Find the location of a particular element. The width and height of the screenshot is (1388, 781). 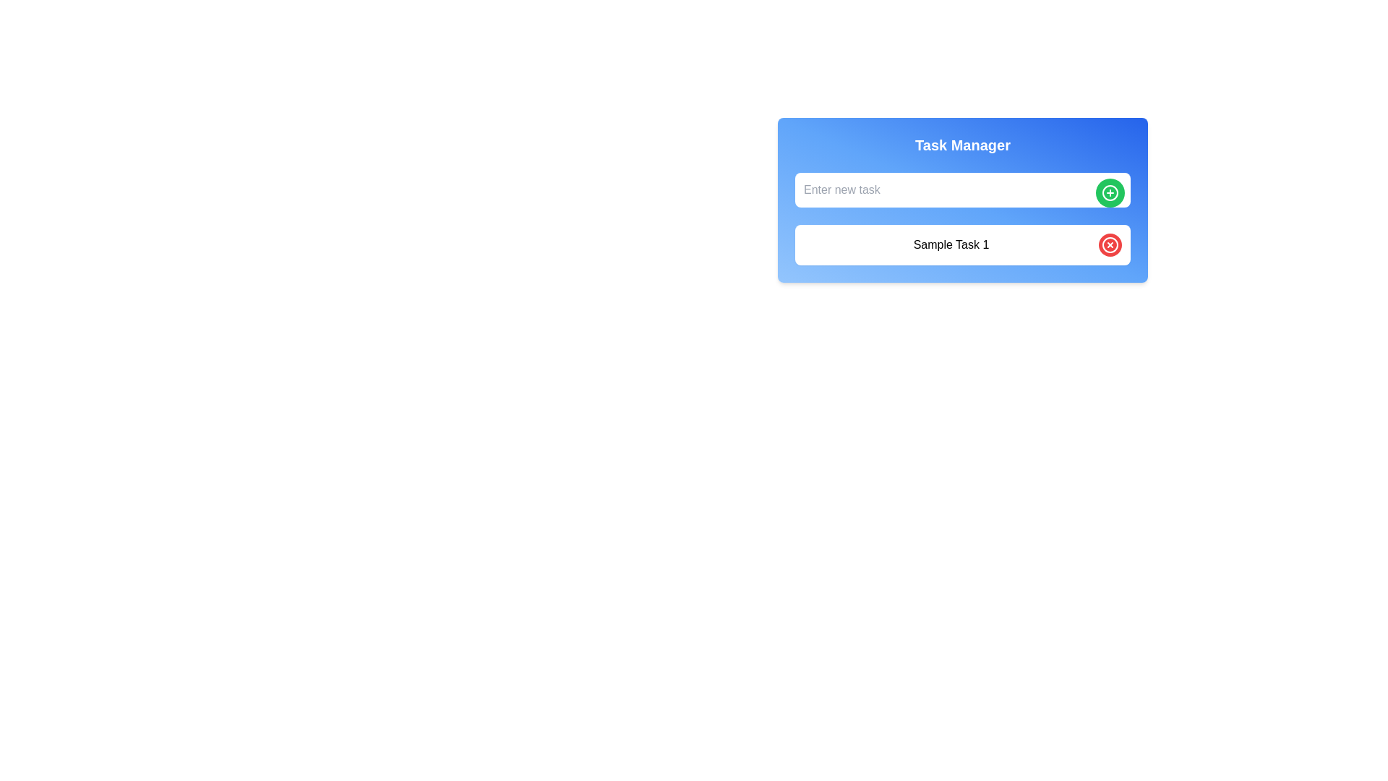

the Text input field in the 'Task Manager' section is located at coordinates (962, 189).